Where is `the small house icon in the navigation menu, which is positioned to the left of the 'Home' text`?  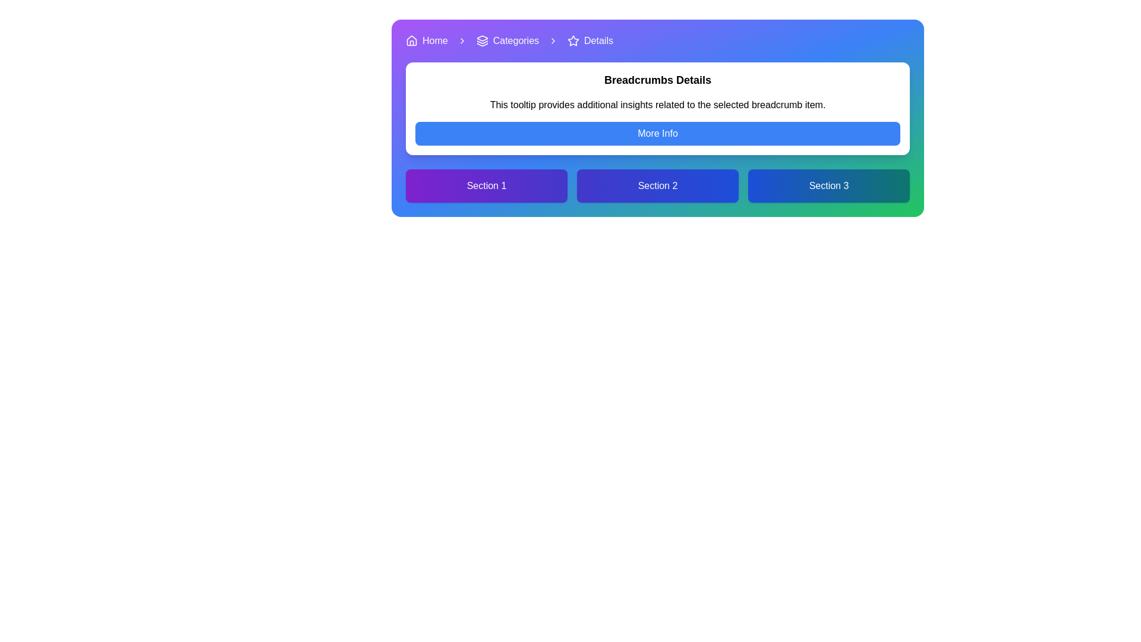 the small house icon in the navigation menu, which is positioned to the left of the 'Home' text is located at coordinates (411, 40).